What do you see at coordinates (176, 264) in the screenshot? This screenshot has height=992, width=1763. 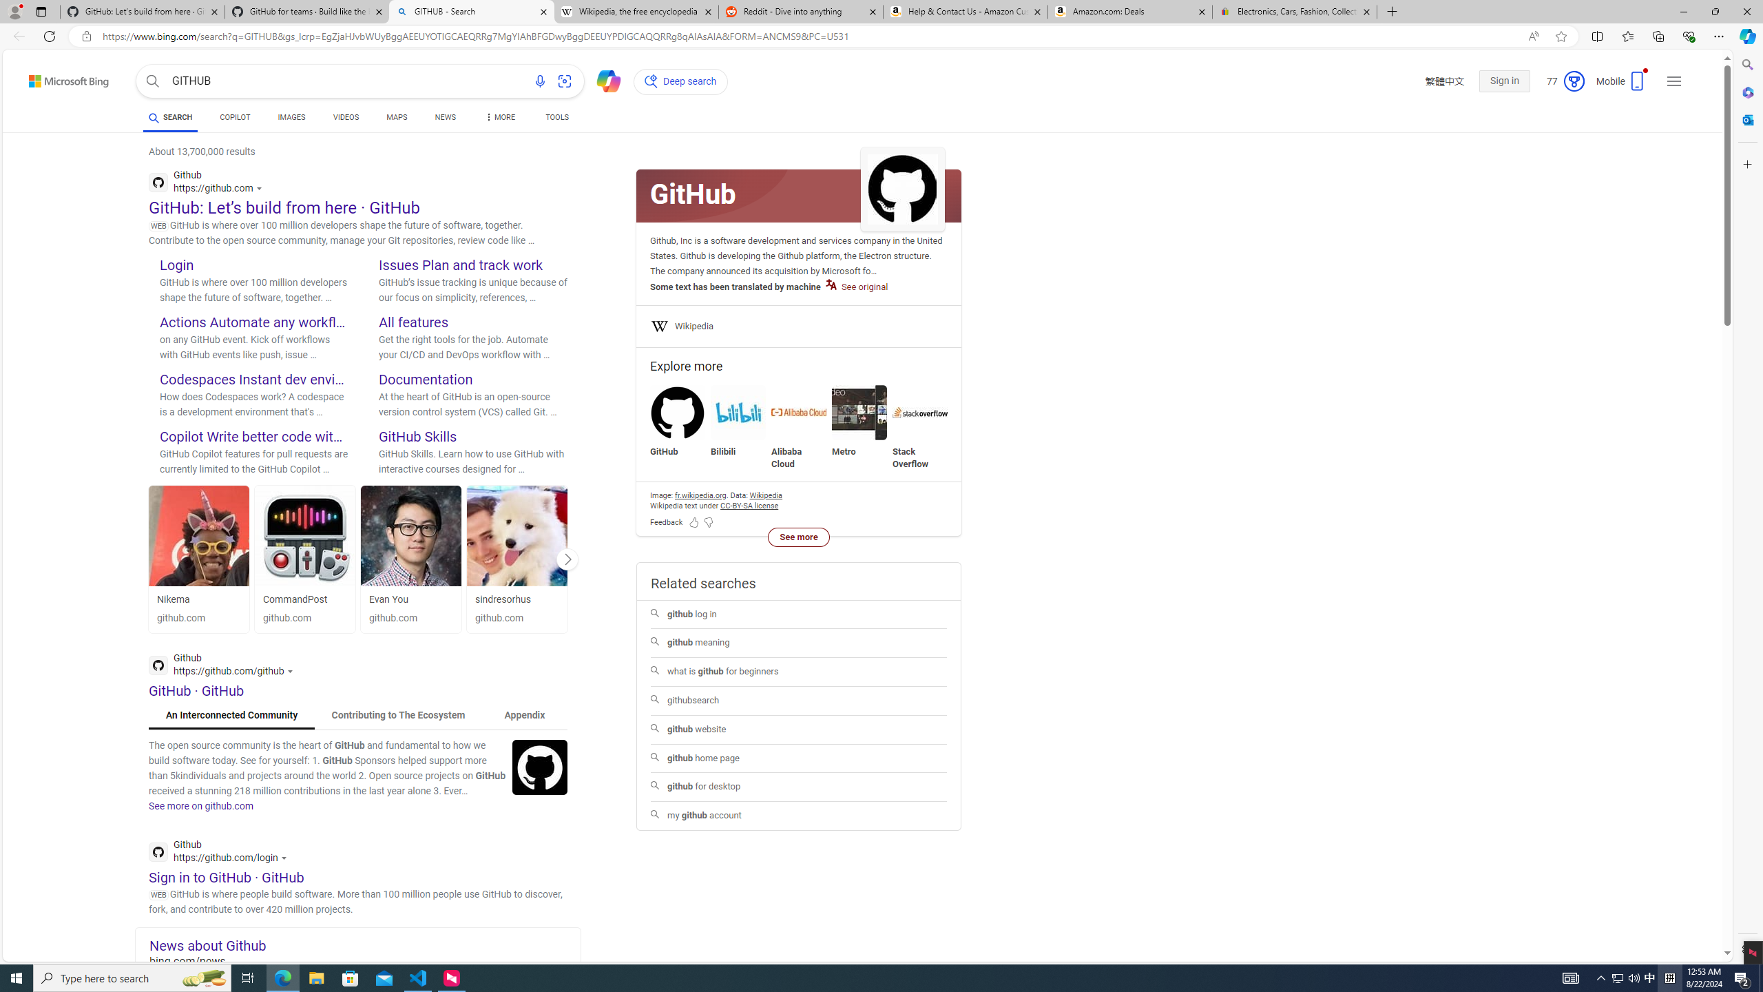 I see `'Login'` at bounding box center [176, 264].